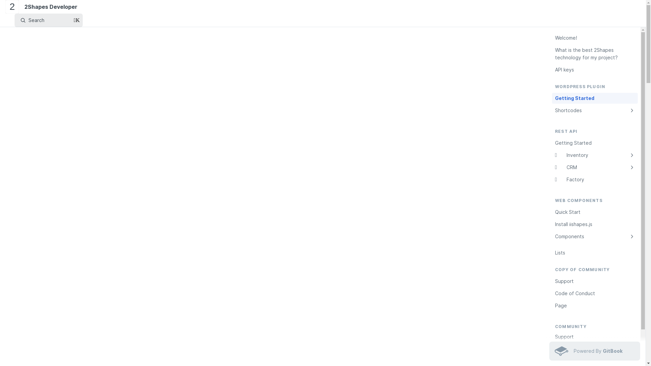 The height and width of the screenshot is (366, 651). What do you see at coordinates (594, 98) in the screenshot?
I see `'Getting Started'` at bounding box center [594, 98].